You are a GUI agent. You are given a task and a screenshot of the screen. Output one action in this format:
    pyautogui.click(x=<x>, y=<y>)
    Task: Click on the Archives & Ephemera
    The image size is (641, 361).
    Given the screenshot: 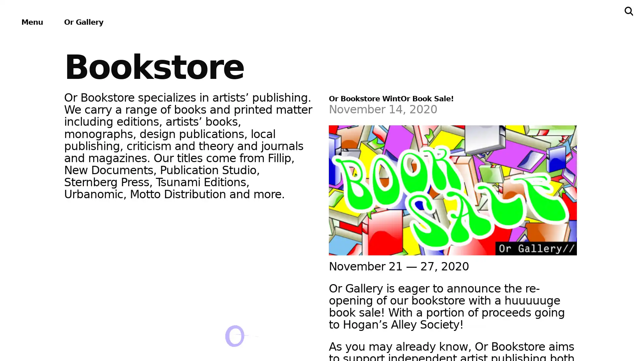 What is the action you would take?
    pyautogui.click(x=145, y=227)
    